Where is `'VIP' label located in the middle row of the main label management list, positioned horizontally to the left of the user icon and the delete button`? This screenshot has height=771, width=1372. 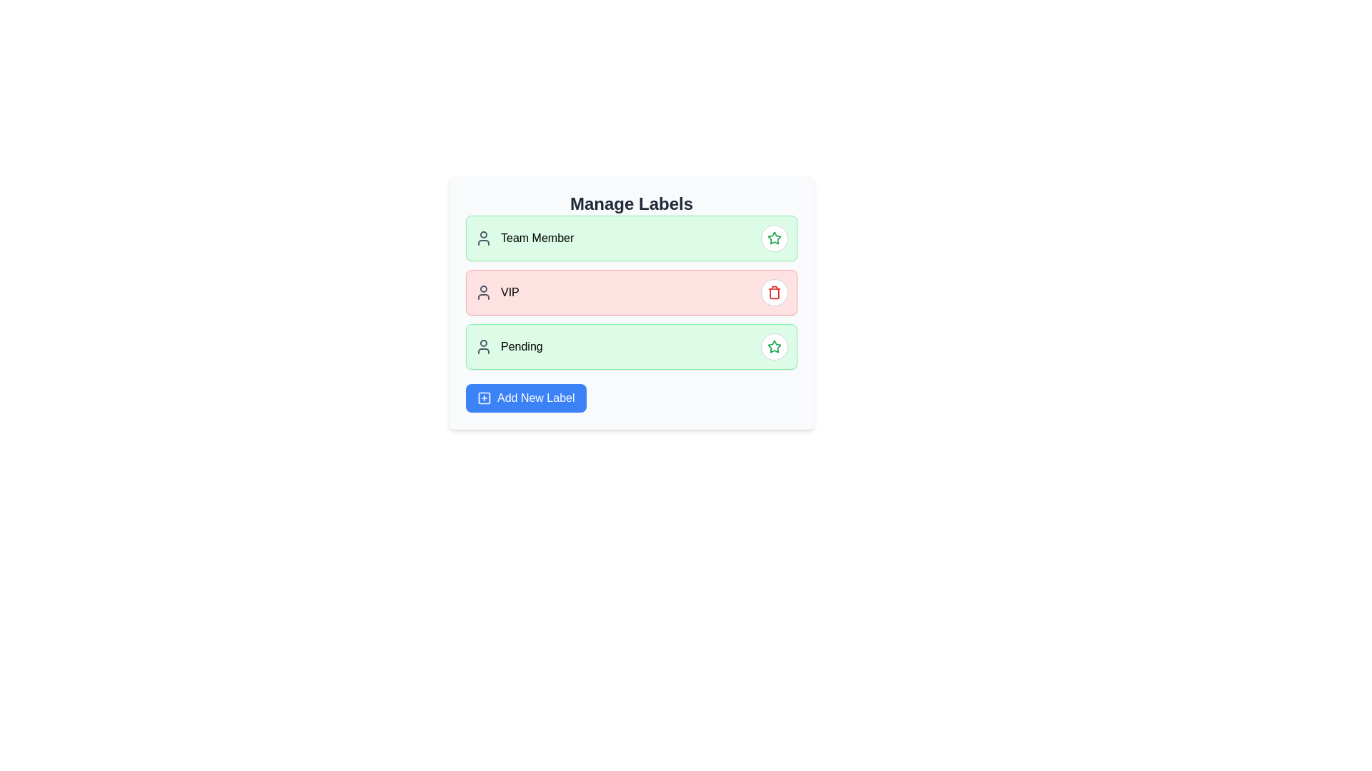 'VIP' label located in the middle row of the main label management list, positioned horizontally to the left of the user icon and the delete button is located at coordinates (497, 291).